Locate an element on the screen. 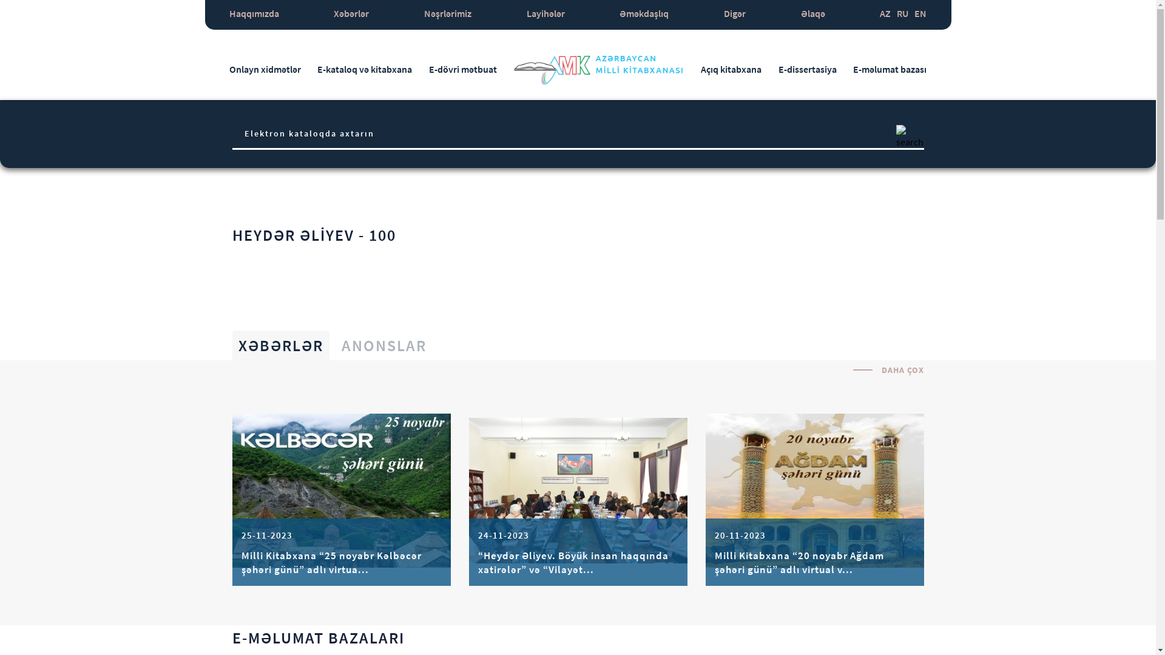 This screenshot has height=655, width=1165. 'ANONSLAR' is located at coordinates (383, 345).